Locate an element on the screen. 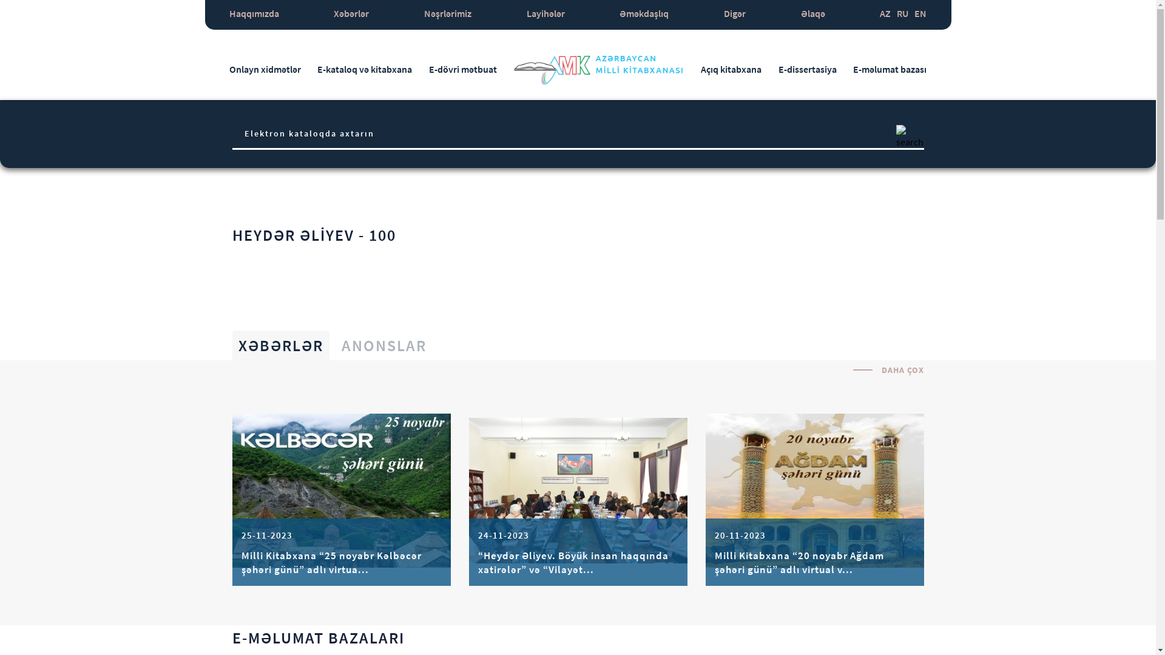 This screenshot has height=655, width=1165. 'ANONSLAR' is located at coordinates (383, 345).